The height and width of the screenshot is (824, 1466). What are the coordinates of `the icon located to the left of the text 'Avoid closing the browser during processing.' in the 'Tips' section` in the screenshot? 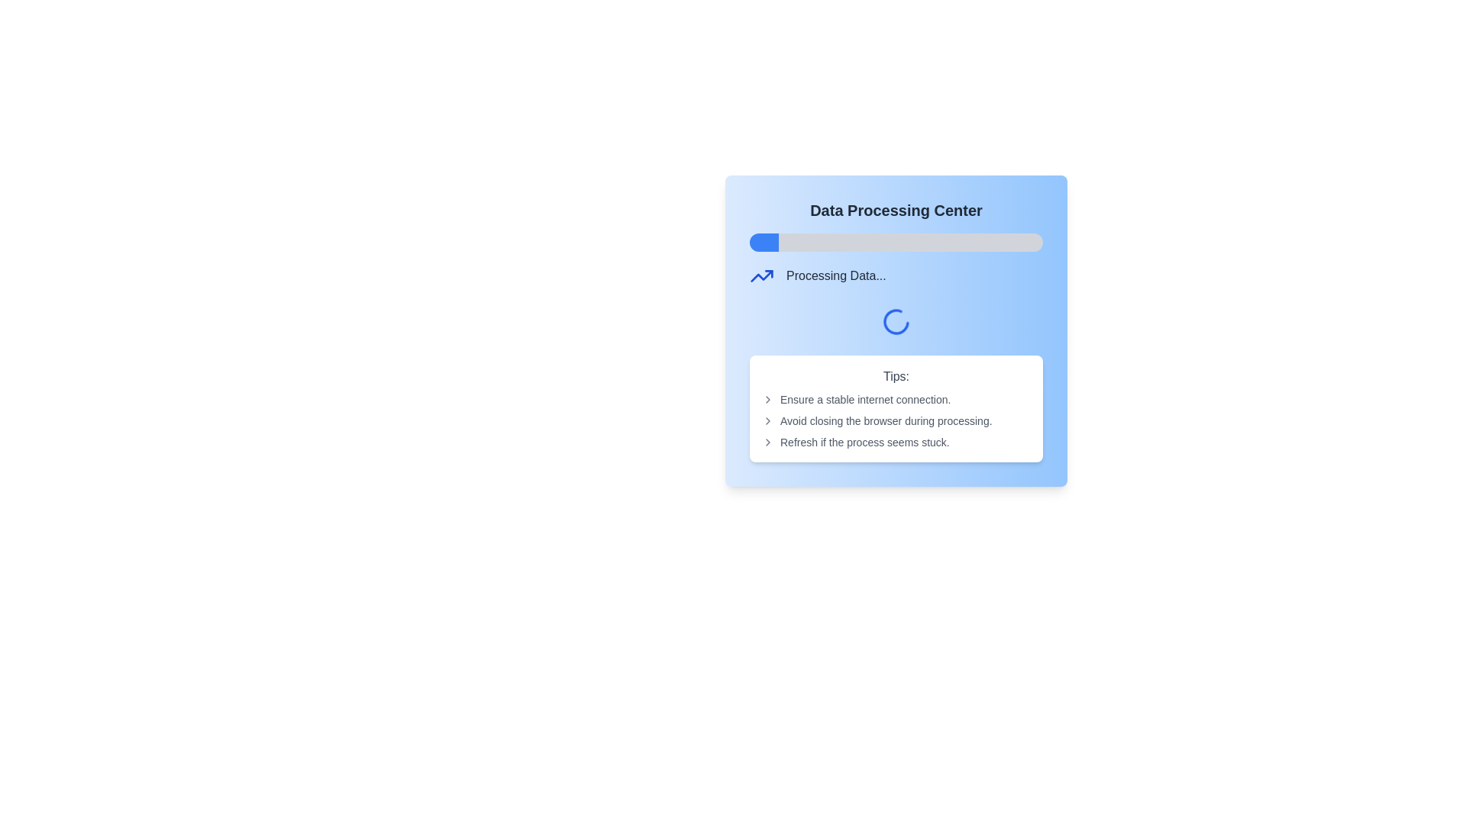 It's located at (768, 420).